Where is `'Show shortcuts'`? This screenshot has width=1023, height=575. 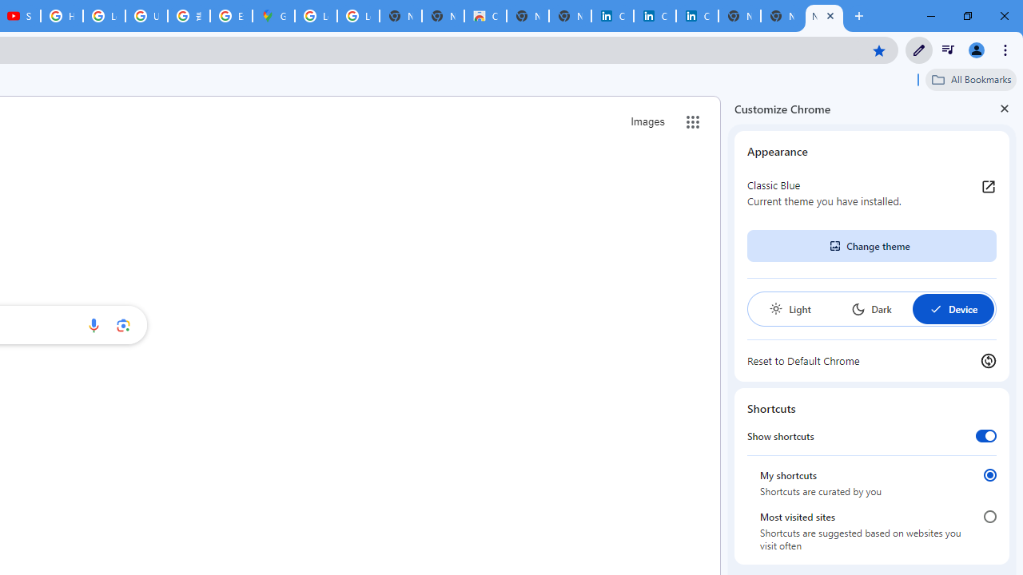
'Show shortcuts' is located at coordinates (985, 435).